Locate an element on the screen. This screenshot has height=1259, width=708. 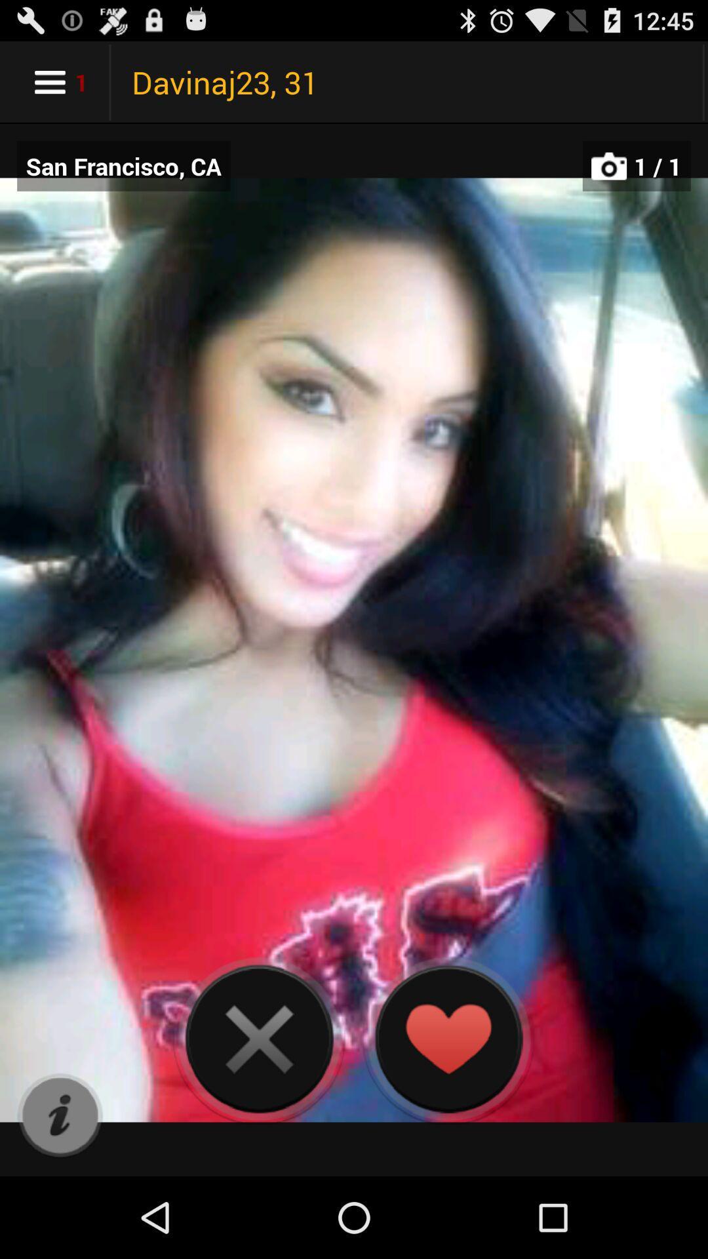
dislike button is located at coordinates (259, 1038).